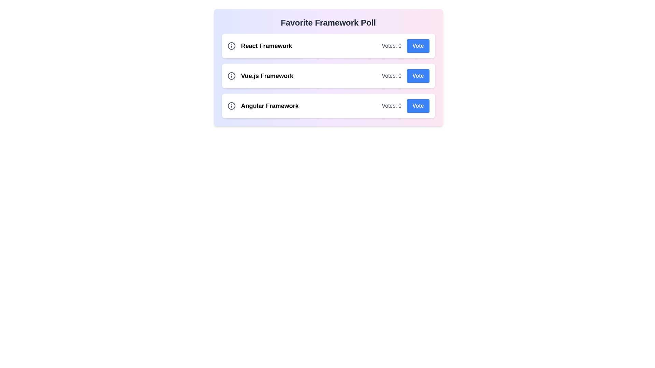  I want to click on the information icon next to the topic React Framework, so click(231, 46).